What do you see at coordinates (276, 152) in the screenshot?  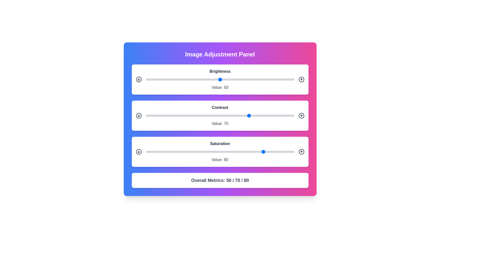 I see `saturation` at bounding box center [276, 152].